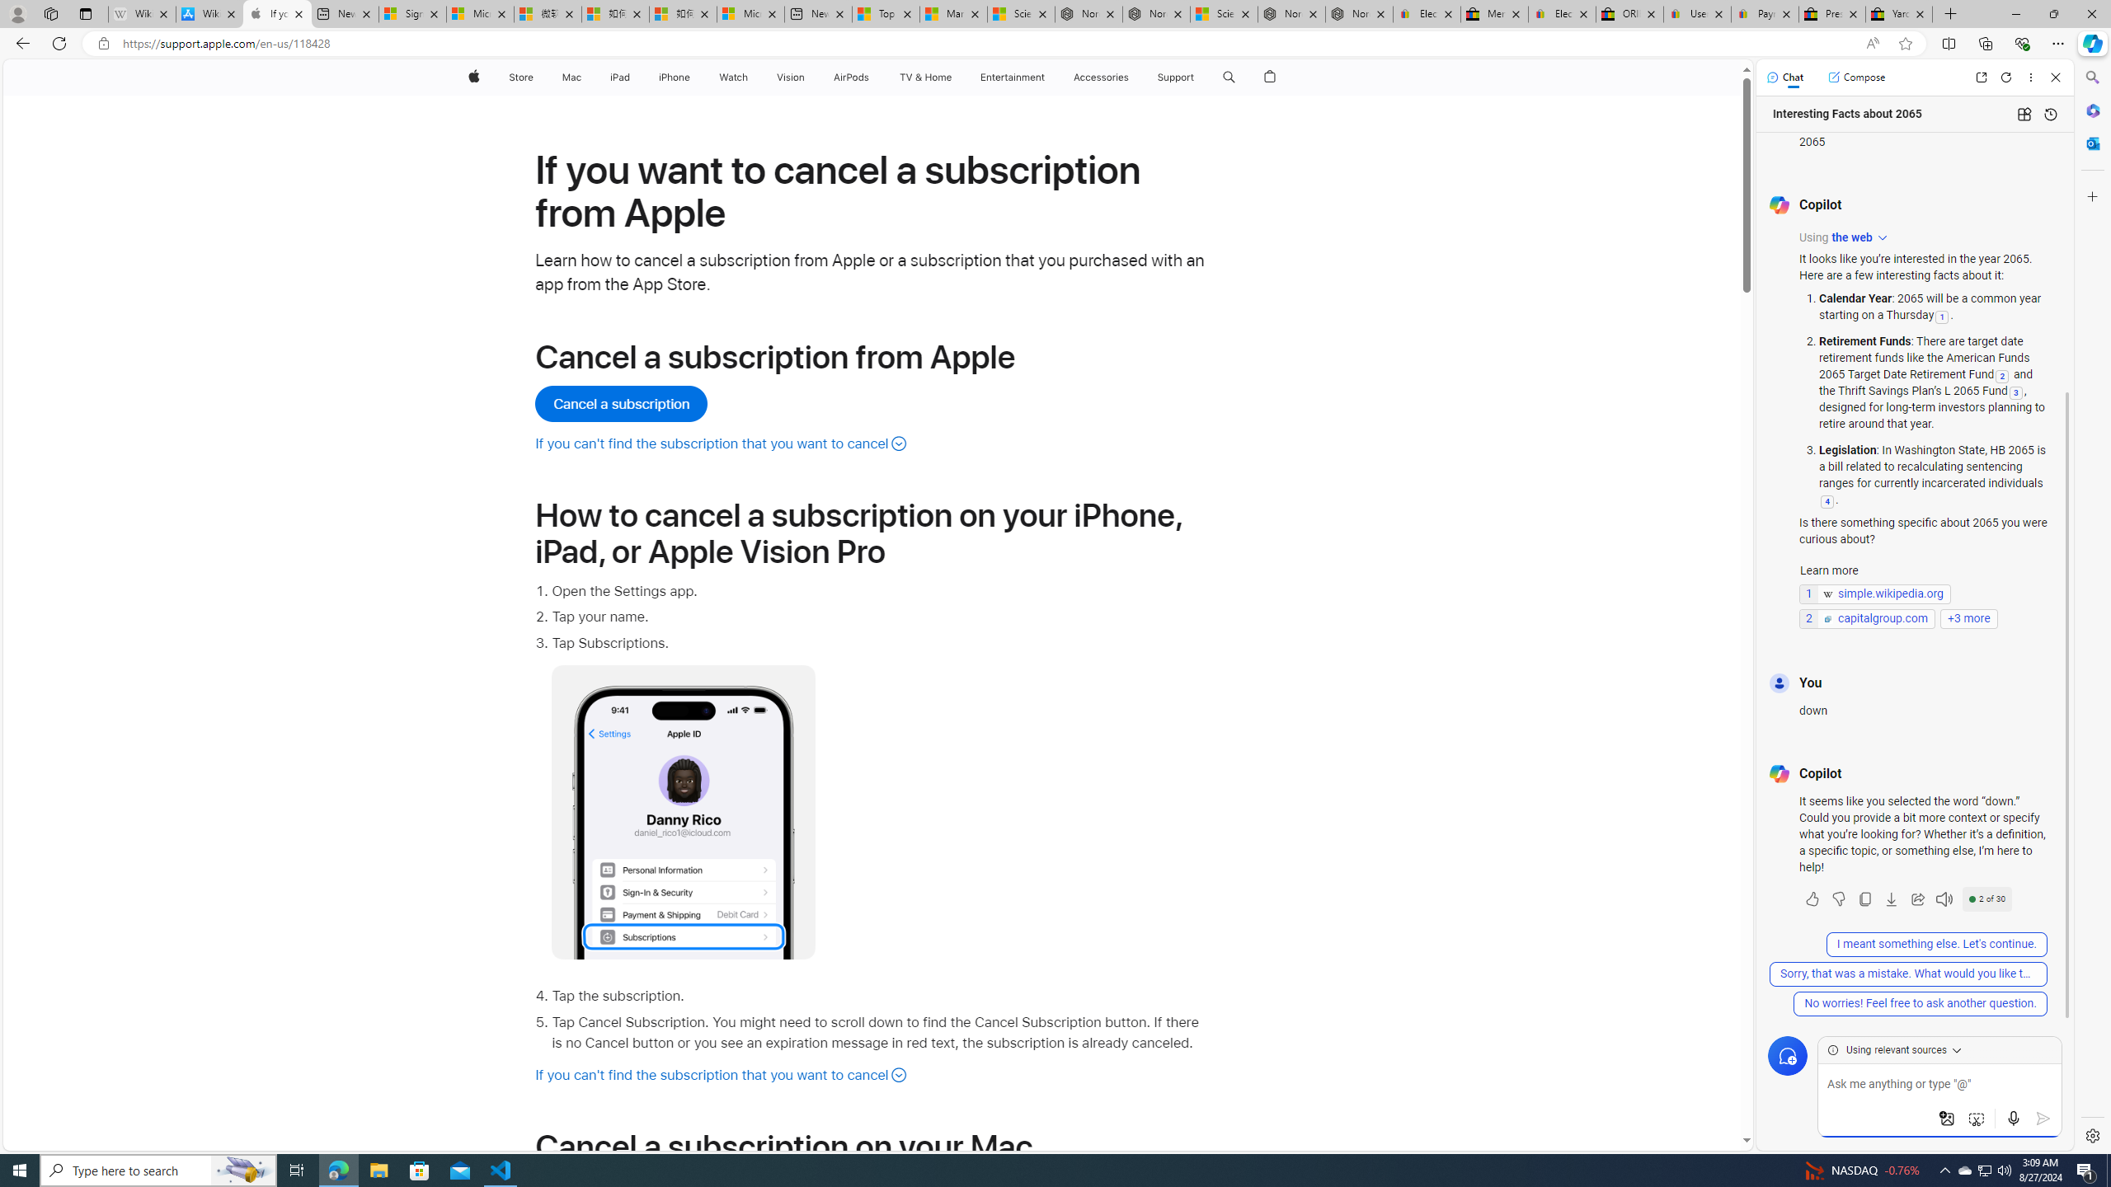  What do you see at coordinates (520, 77) in the screenshot?
I see `'Store'` at bounding box center [520, 77].